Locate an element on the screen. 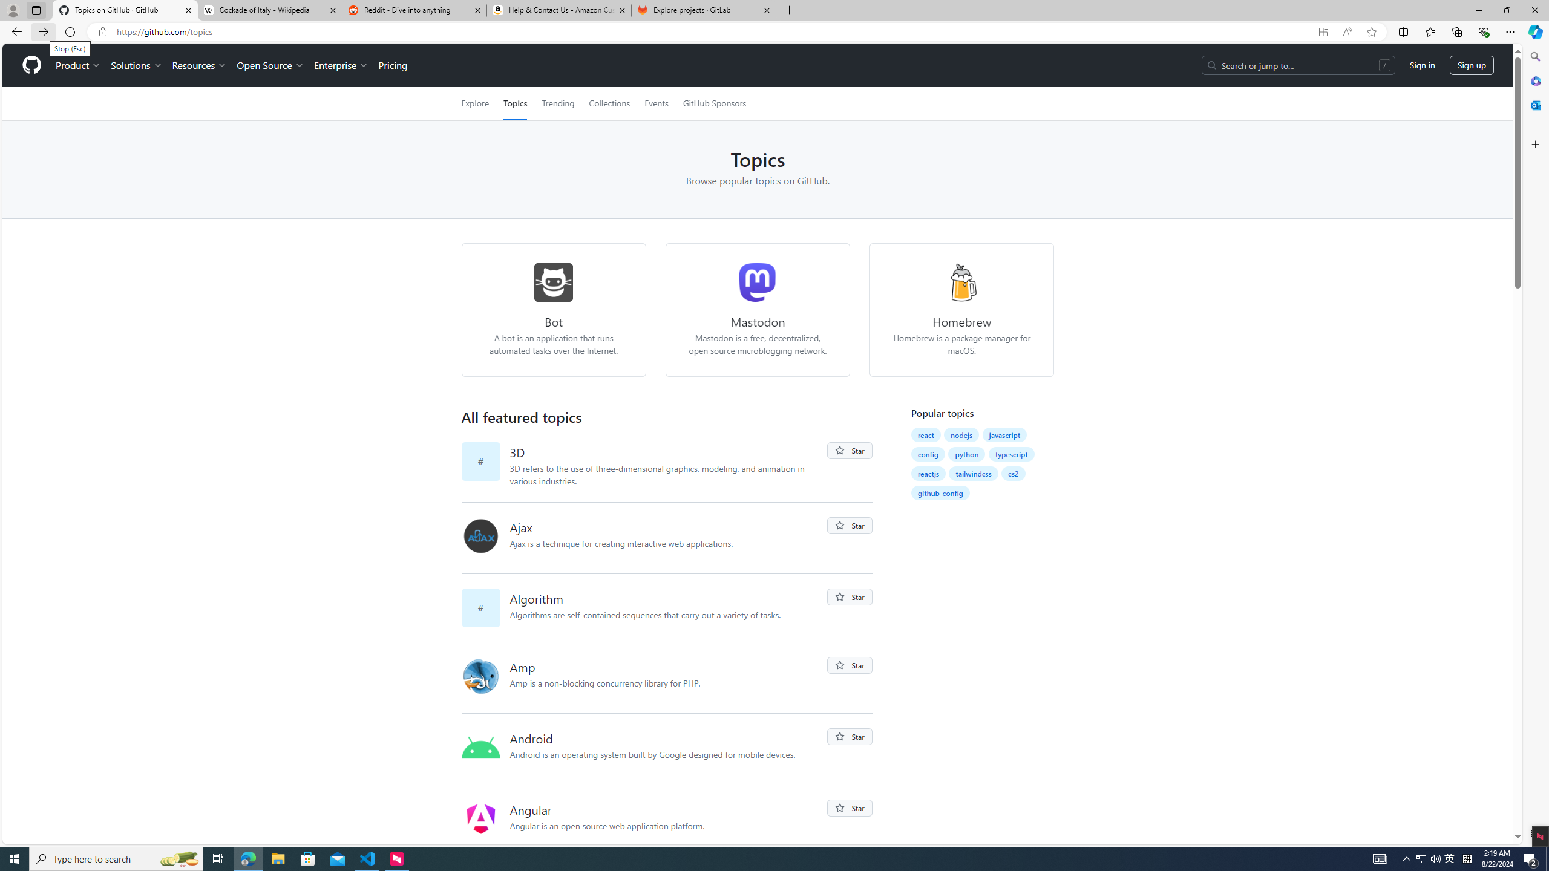 This screenshot has height=871, width=1549. 'mastodon' is located at coordinates (758, 282).